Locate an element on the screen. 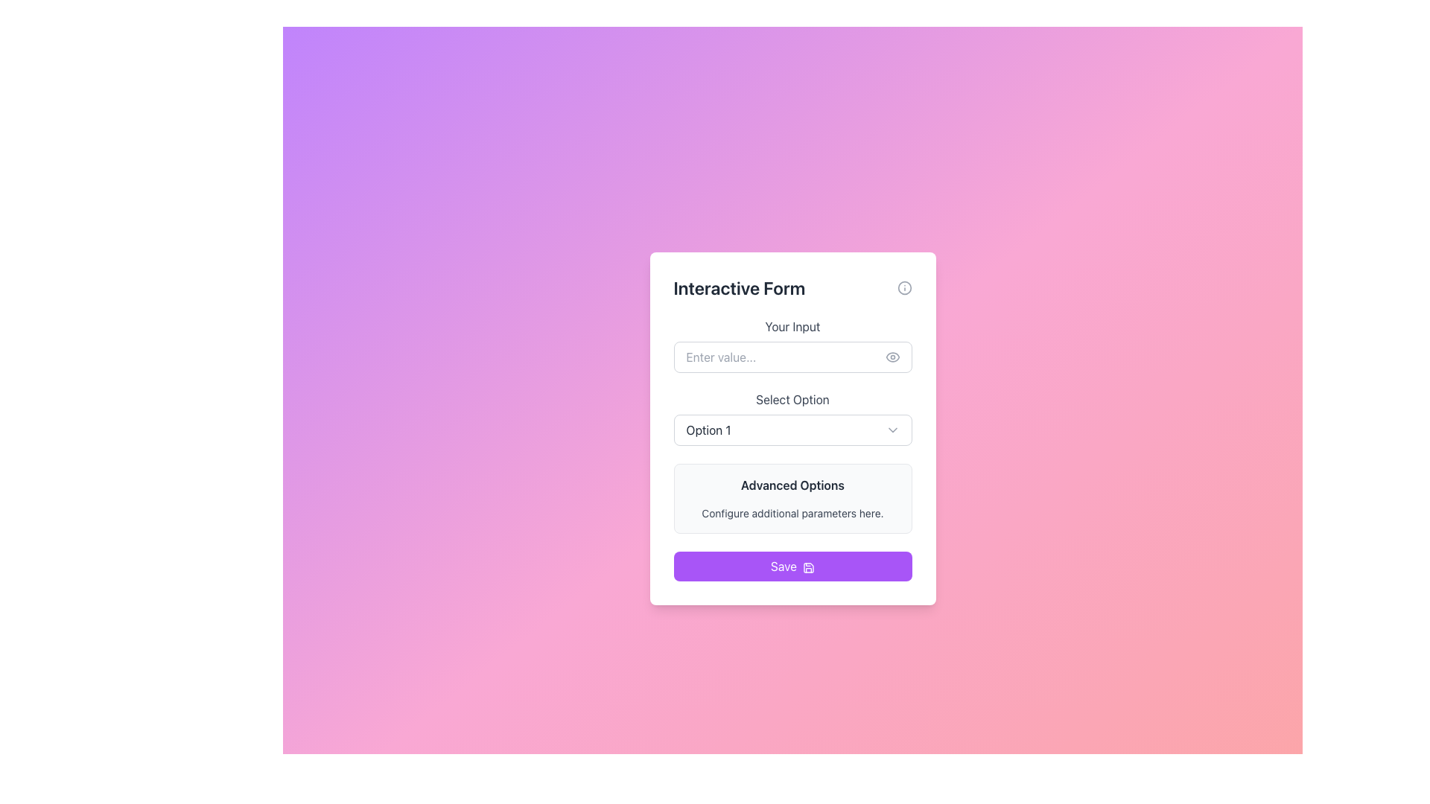  the dropdown menu located in the 'Interactive Form' card layout, positioned below 'Your Input' and above 'Advanced Options' is located at coordinates (792, 418).